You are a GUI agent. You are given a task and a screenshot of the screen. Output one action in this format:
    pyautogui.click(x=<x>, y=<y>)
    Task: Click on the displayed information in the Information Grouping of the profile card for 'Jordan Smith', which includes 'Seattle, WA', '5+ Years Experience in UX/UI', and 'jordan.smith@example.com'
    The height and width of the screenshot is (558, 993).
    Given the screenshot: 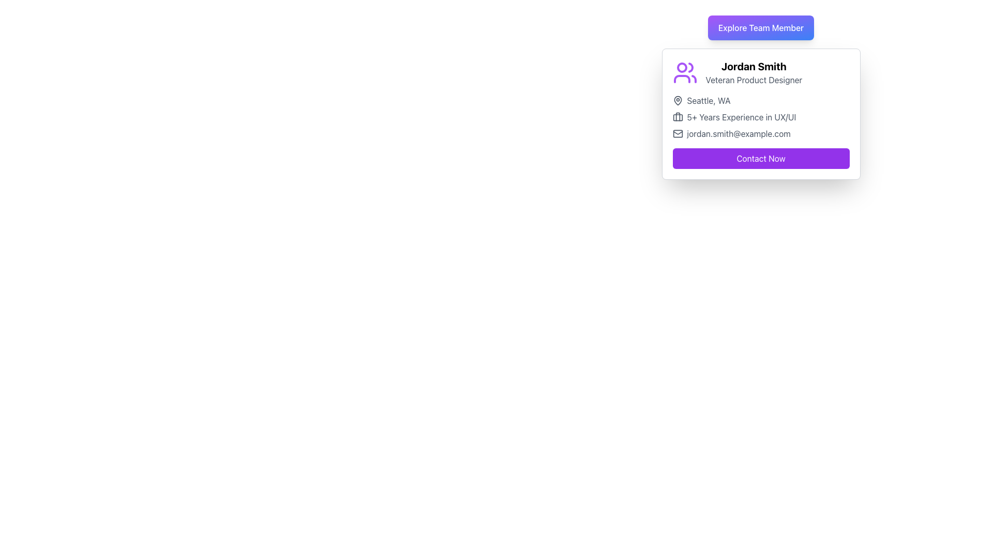 What is the action you would take?
    pyautogui.click(x=761, y=117)
    